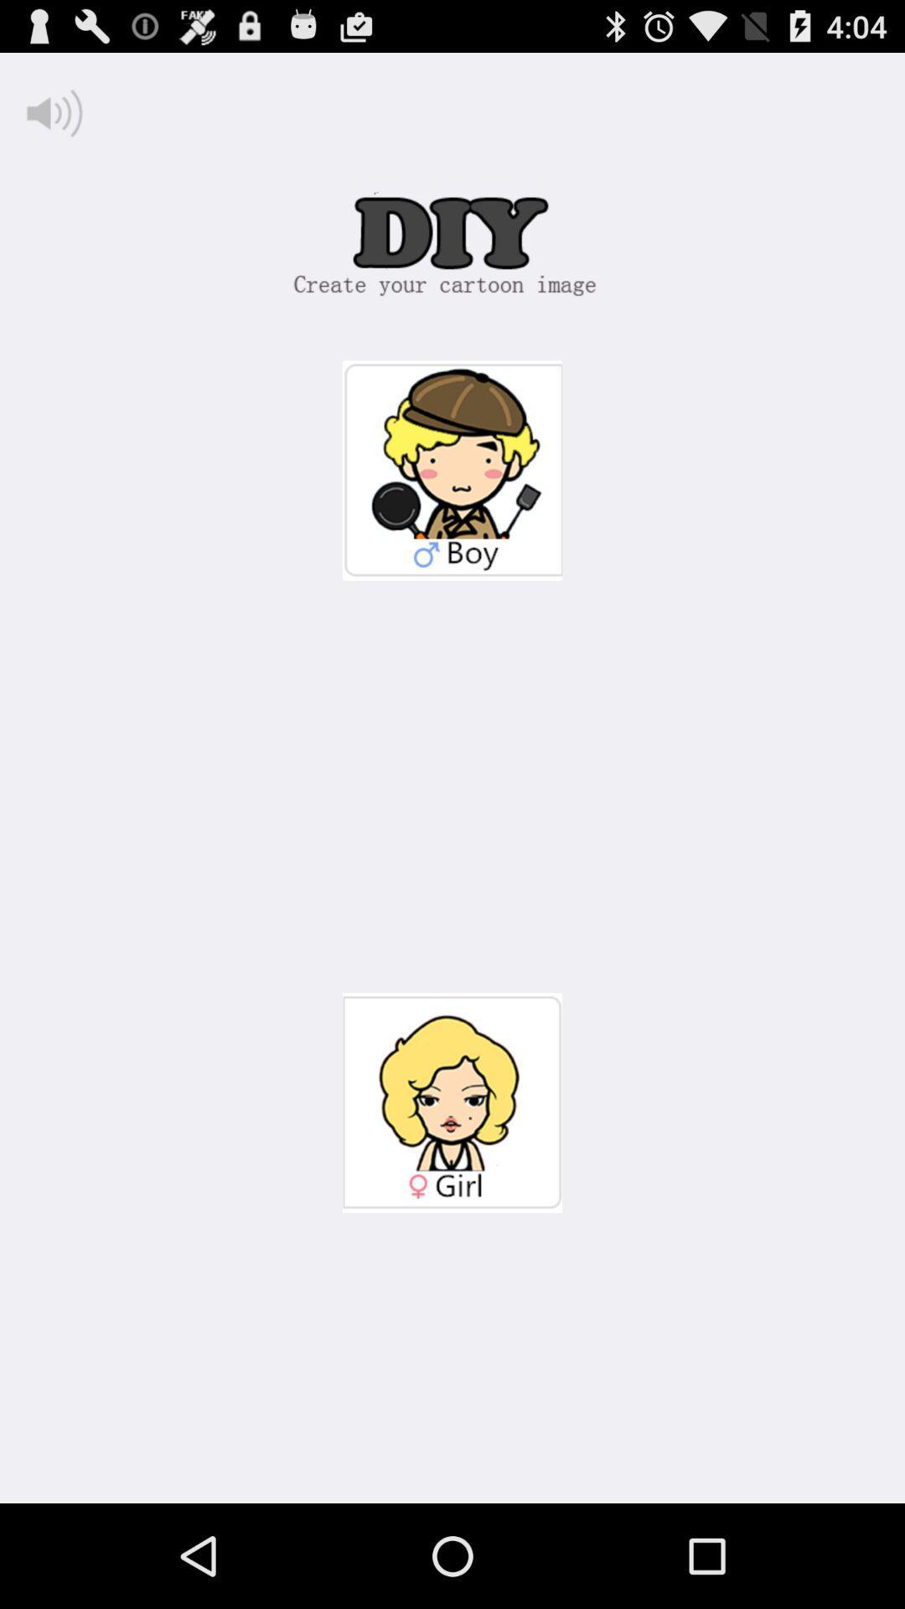 The height and width of the screenshot is (1609, 905). I want to click on the item at the top left corner, so click(54, 112).